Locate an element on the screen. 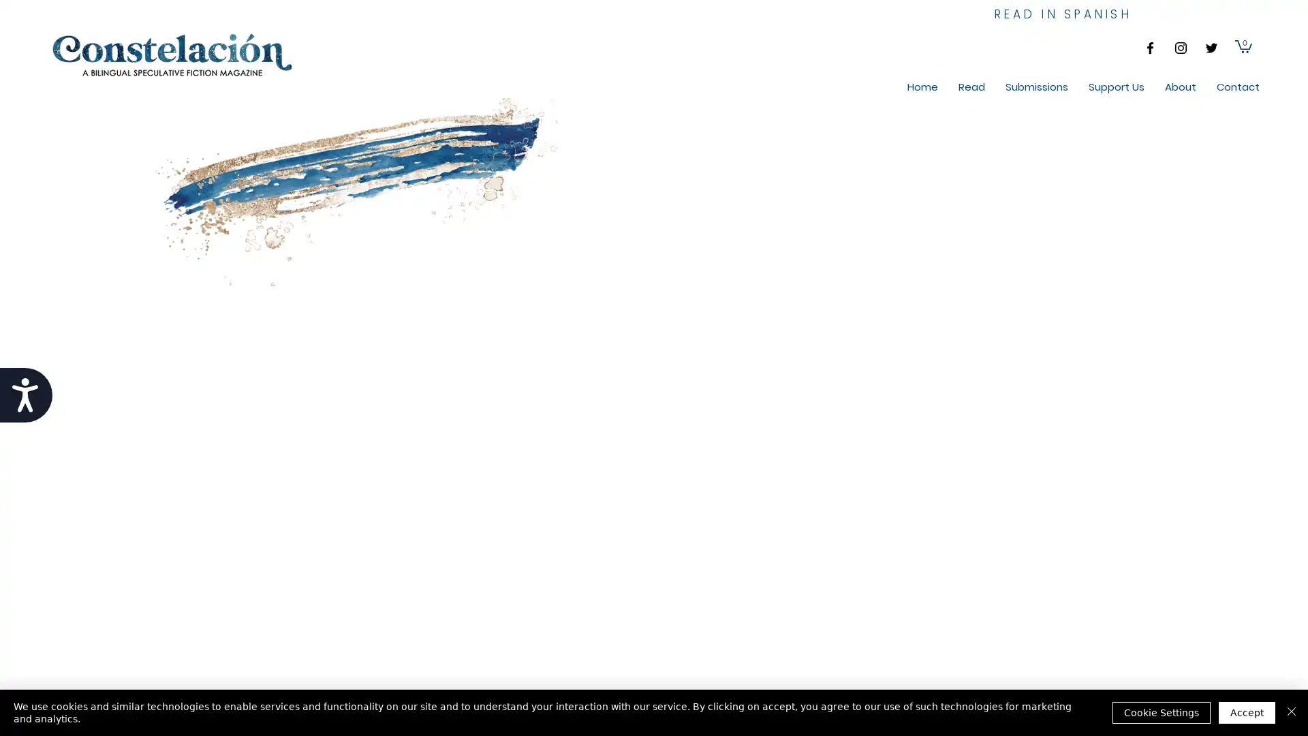  Accept is located at coordinates (1247, 711).